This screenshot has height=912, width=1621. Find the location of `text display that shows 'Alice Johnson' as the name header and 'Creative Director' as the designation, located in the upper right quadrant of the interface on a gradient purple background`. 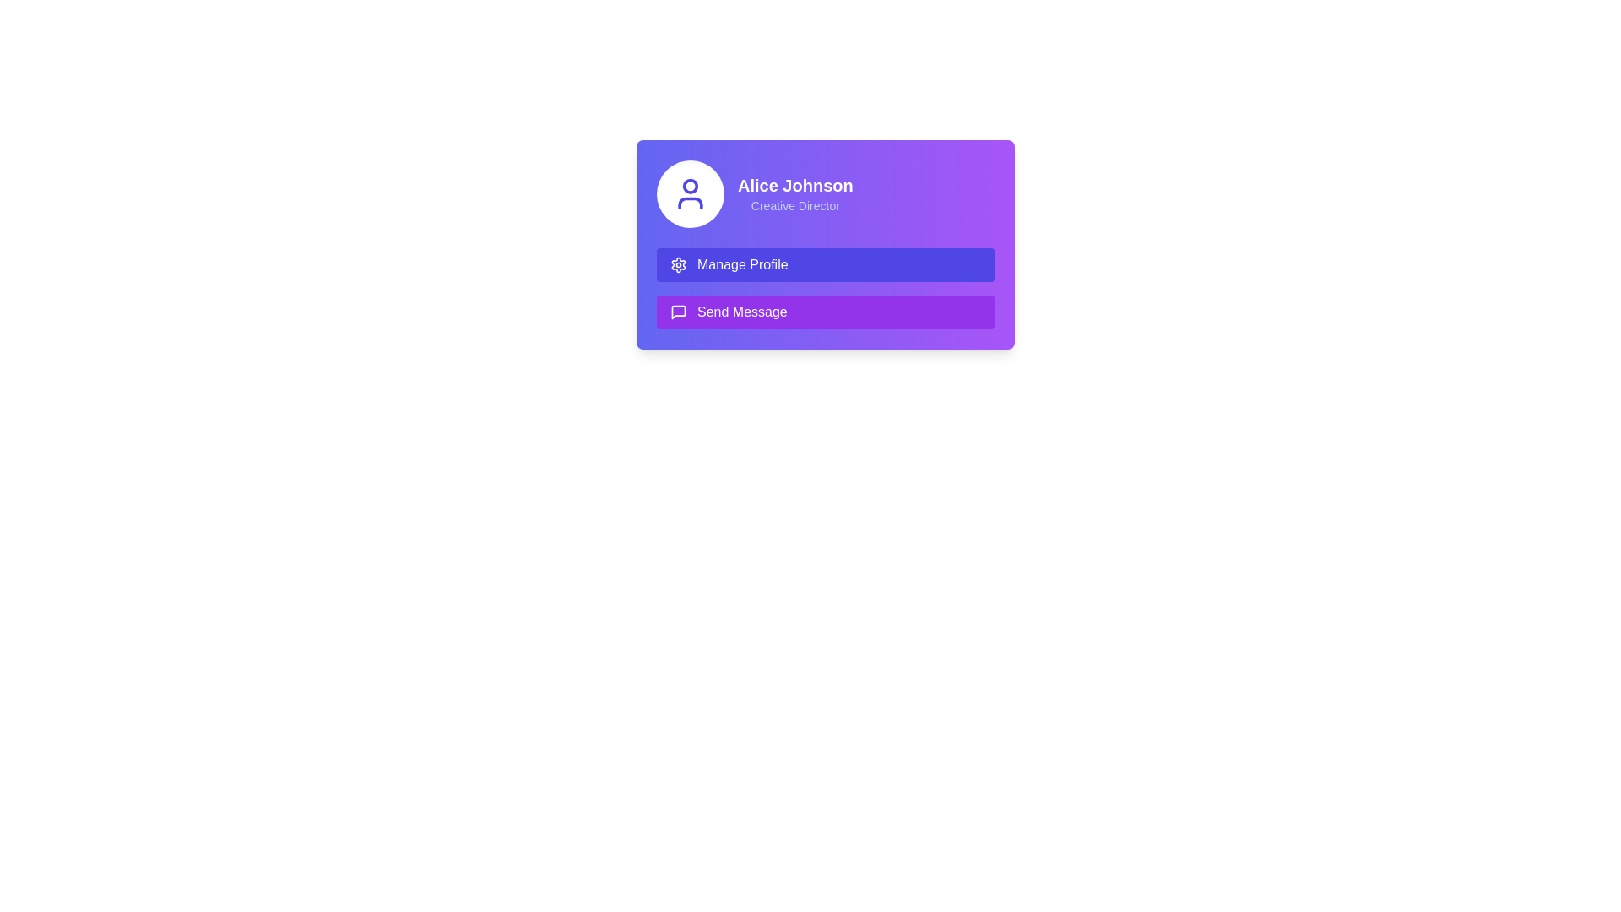

text display that shows 'Alice Johnson' as the name header and 'Creative Director' as the designation, located in the upper right quadrant of the interface on a gradient purple background is located at coordinates (794, 193).